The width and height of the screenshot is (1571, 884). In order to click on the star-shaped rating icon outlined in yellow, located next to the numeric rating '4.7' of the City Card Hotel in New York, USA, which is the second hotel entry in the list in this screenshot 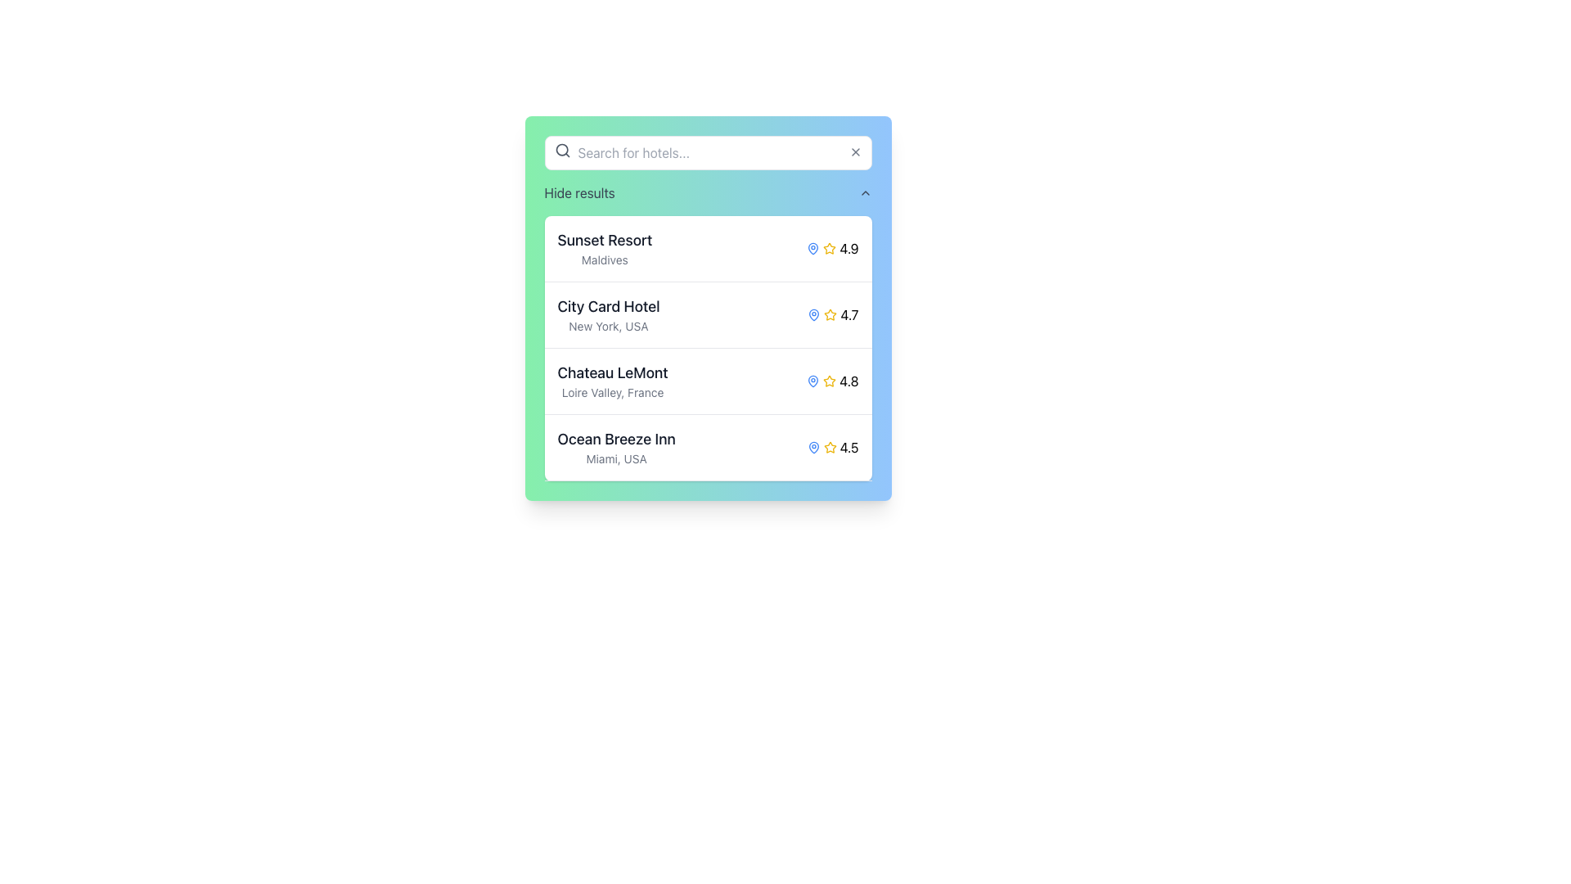, I will do `click(831, 315)`.